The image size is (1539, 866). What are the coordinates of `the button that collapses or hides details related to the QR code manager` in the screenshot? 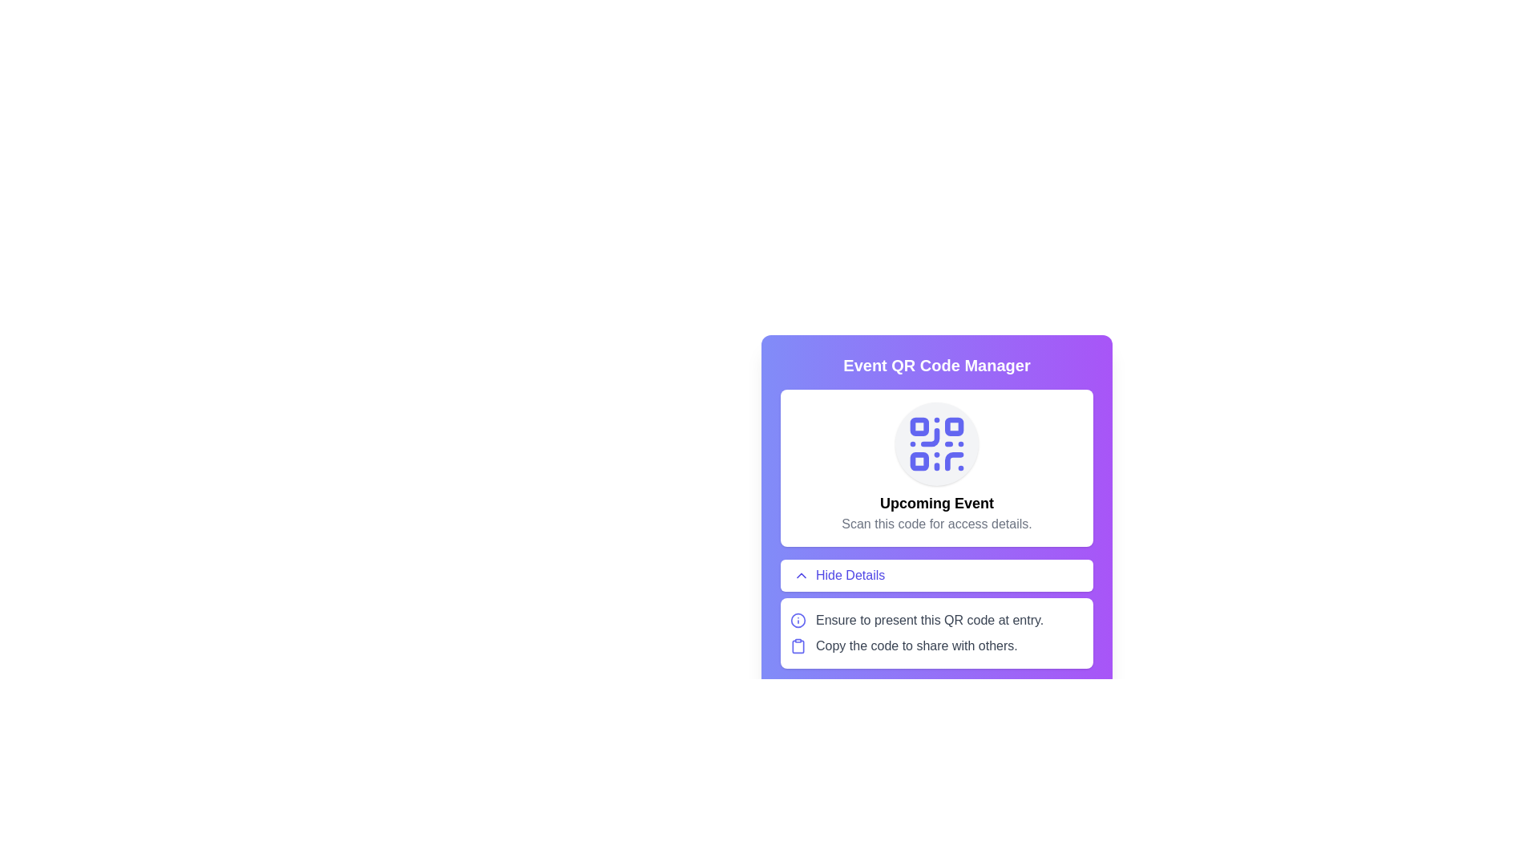 It's located at (937, 574).